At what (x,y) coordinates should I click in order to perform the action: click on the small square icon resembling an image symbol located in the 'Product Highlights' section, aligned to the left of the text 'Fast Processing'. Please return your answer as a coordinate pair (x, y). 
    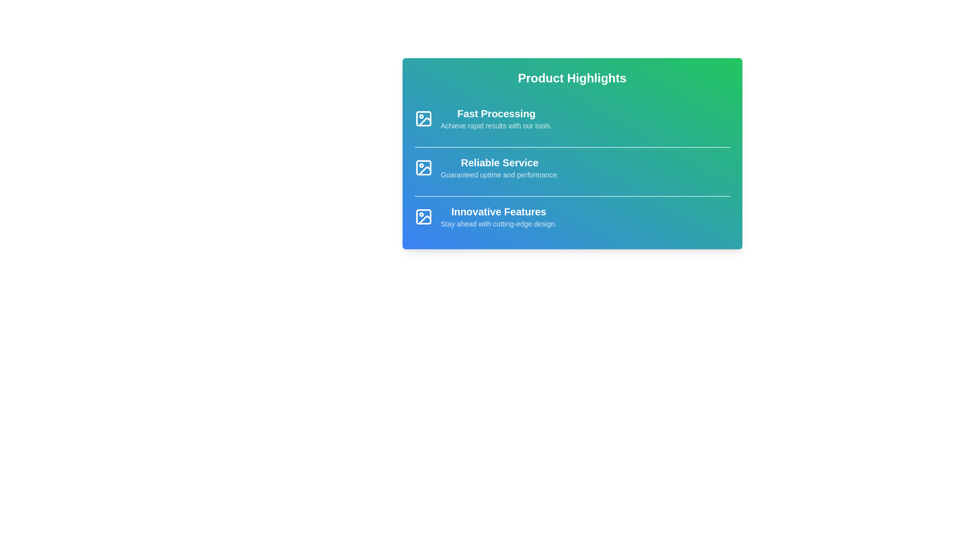
    Looking at the image, I should click on (423, 118).